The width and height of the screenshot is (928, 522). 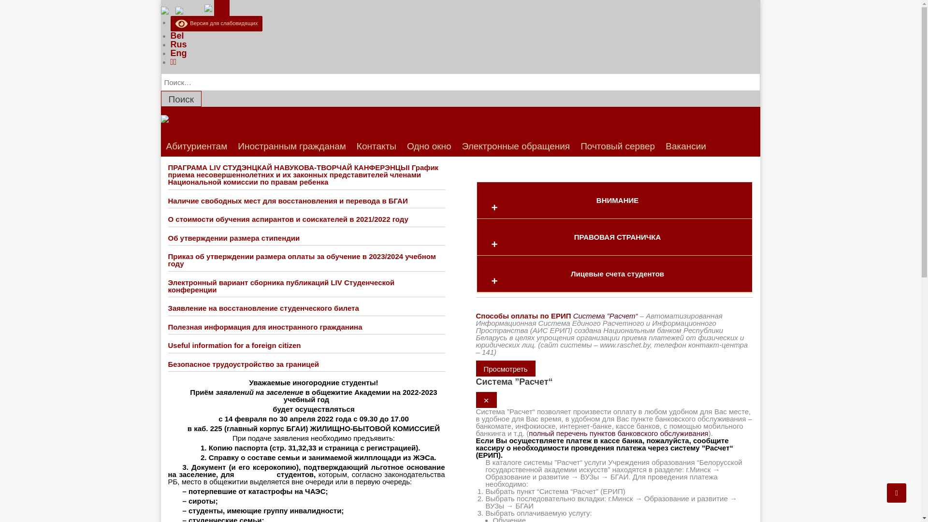 What do you see at coordinates (178, 44) in the screenshot?
I see `'Rus` at bounding box center [178, 44].